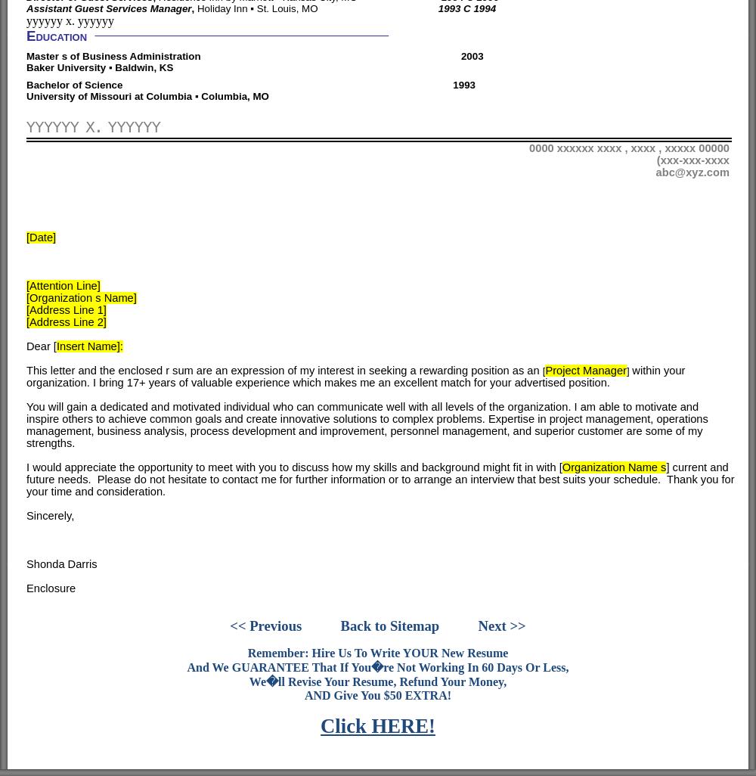 Image resolution: width=756 pixels, height=776 pixels. What do you see at coordinates (110, 96) in the screenshot?
I see `'University
of Missouri at Columbia'` at bounding box center [110, 96].